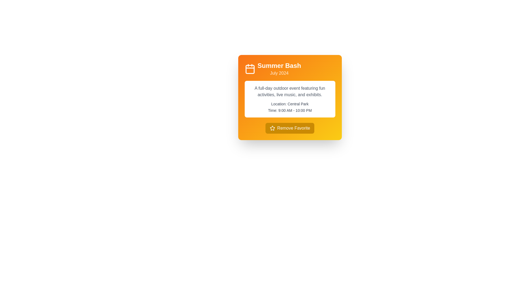  What do you see at coordinates (289, 91) in the screenshot?
I see `the text element that provides a brief description of the featured event, located above the location and time details within the rounded white card` at bounding box center [289, 91].